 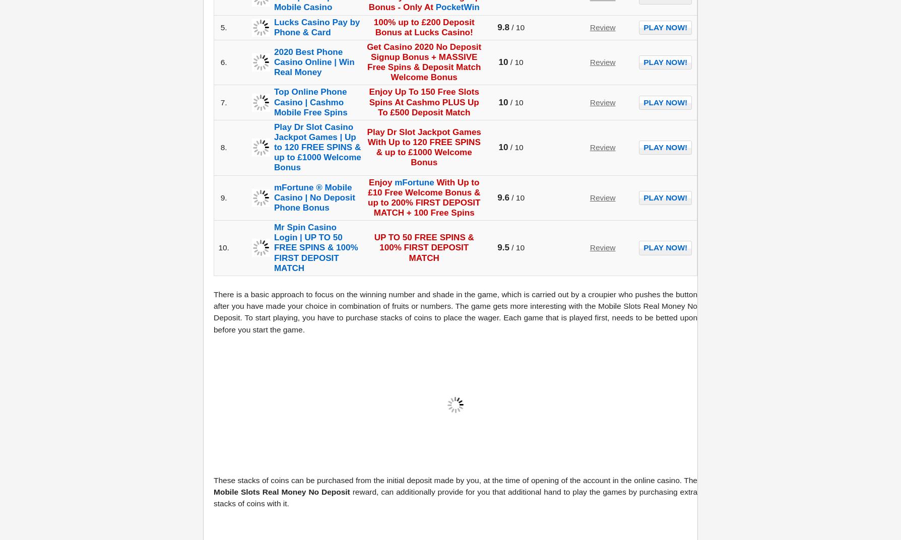 I want to click on '2020 Best Phone Casino Online | Win Real Money', so click(x=313, y=61).